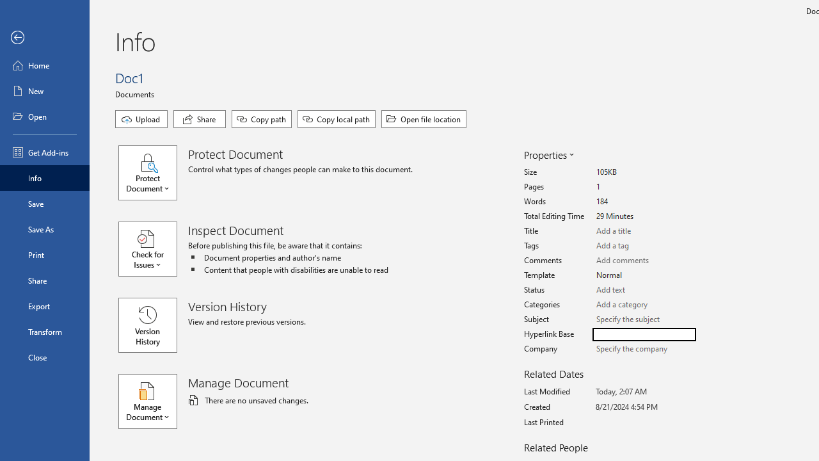 Image resolution: width=819 pixels, height=461 pixels. What do you see at coordinates (44, 306) in the screenshot?
I see `'Export'` at bounding box center [44, 306].